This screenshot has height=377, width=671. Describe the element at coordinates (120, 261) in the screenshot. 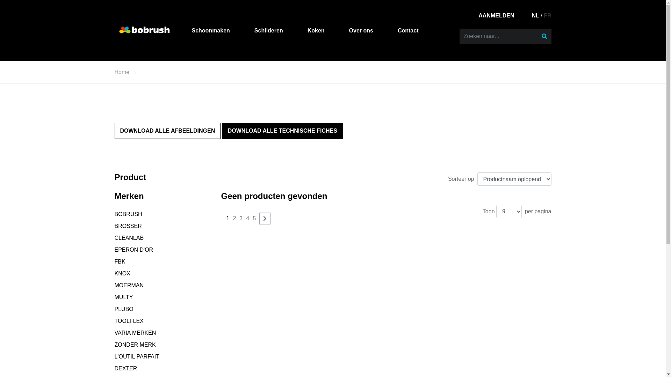

I see `'FBK'` at that location.